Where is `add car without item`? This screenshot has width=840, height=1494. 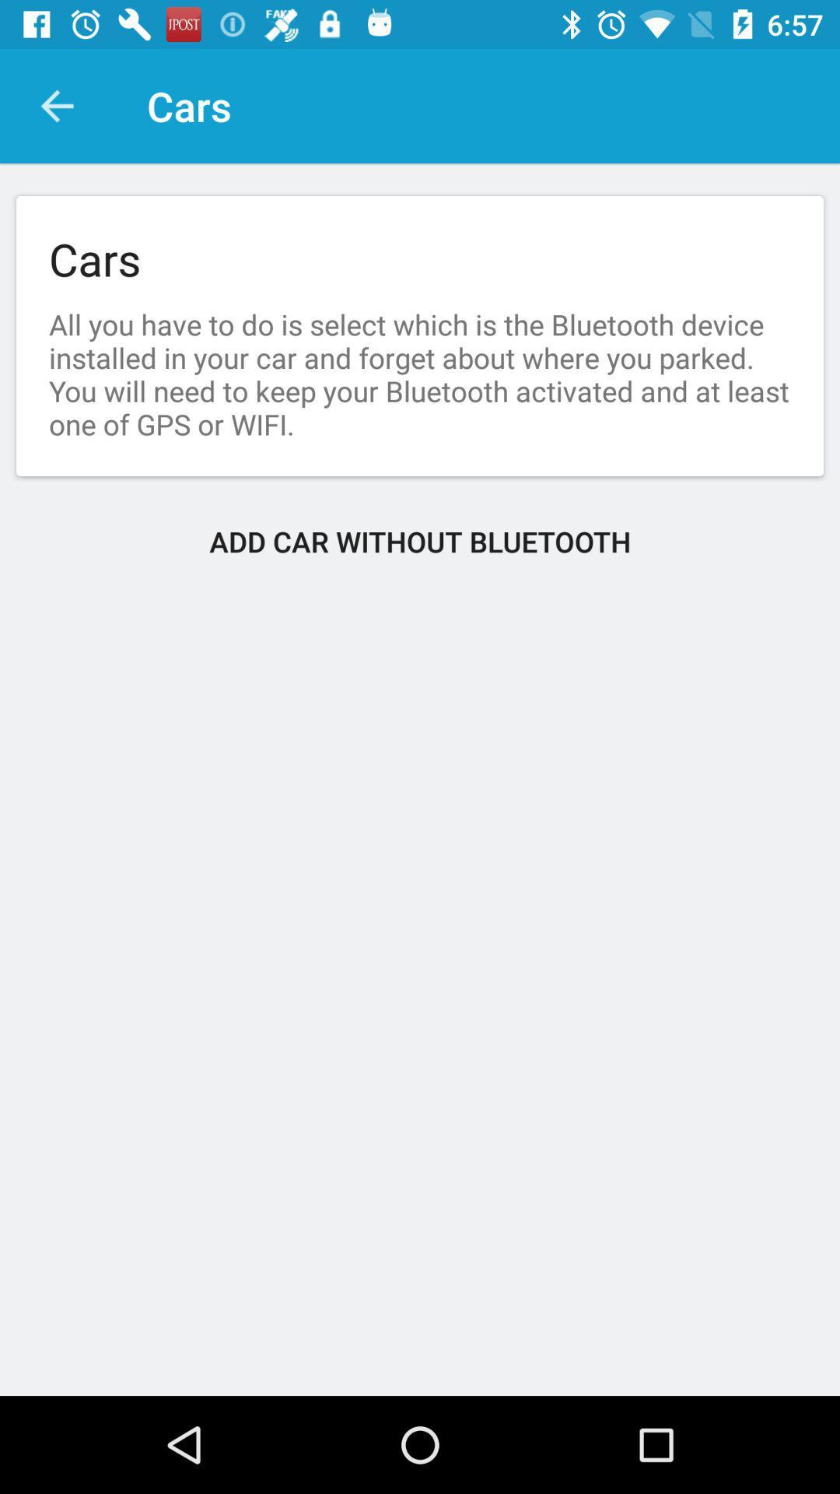 add car without item is located at coordinates (420, 542).